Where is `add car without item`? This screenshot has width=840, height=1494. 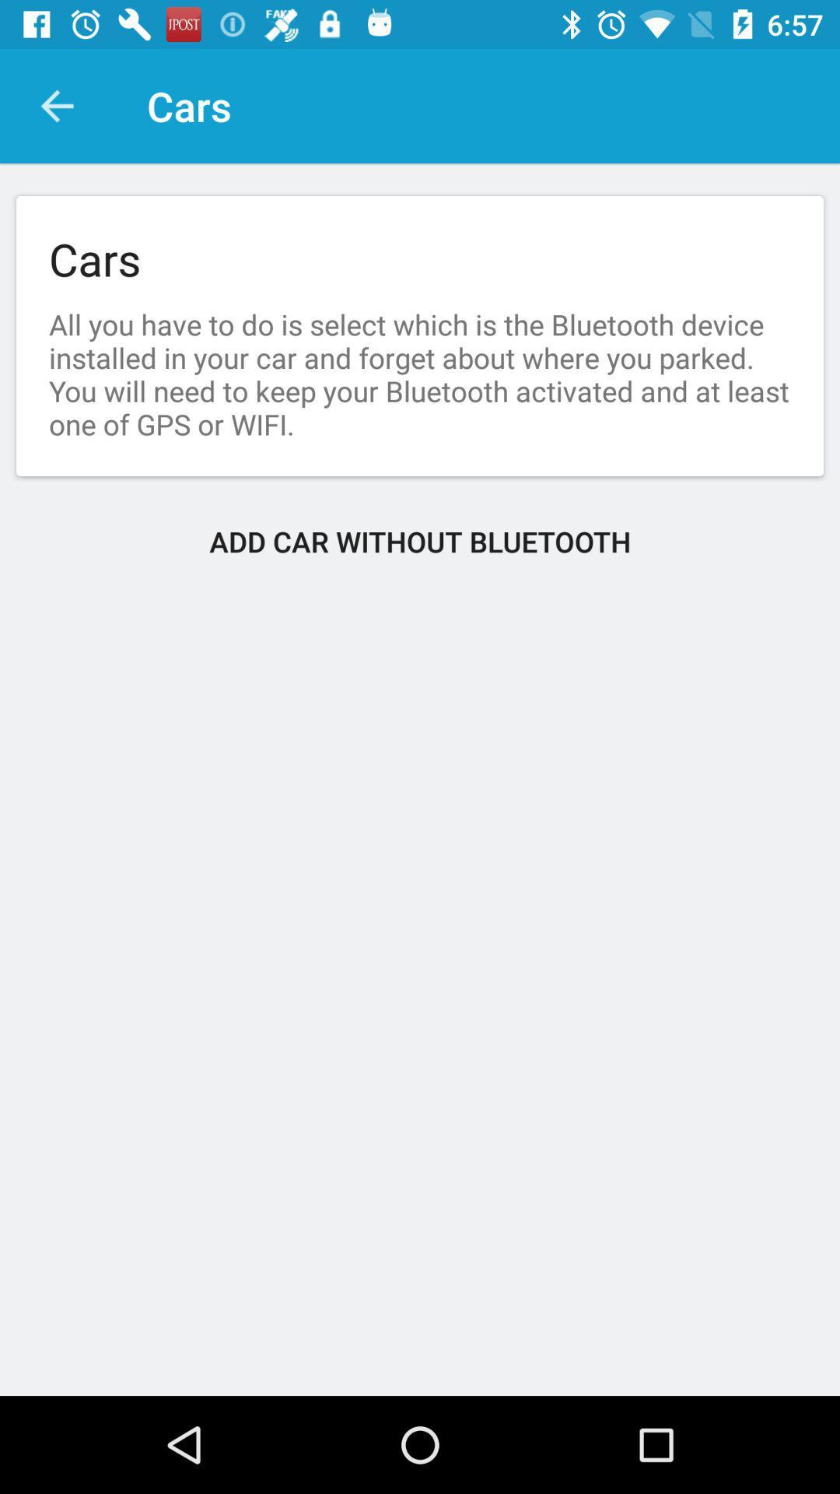 add car without item is located at coordinates (420, 542).